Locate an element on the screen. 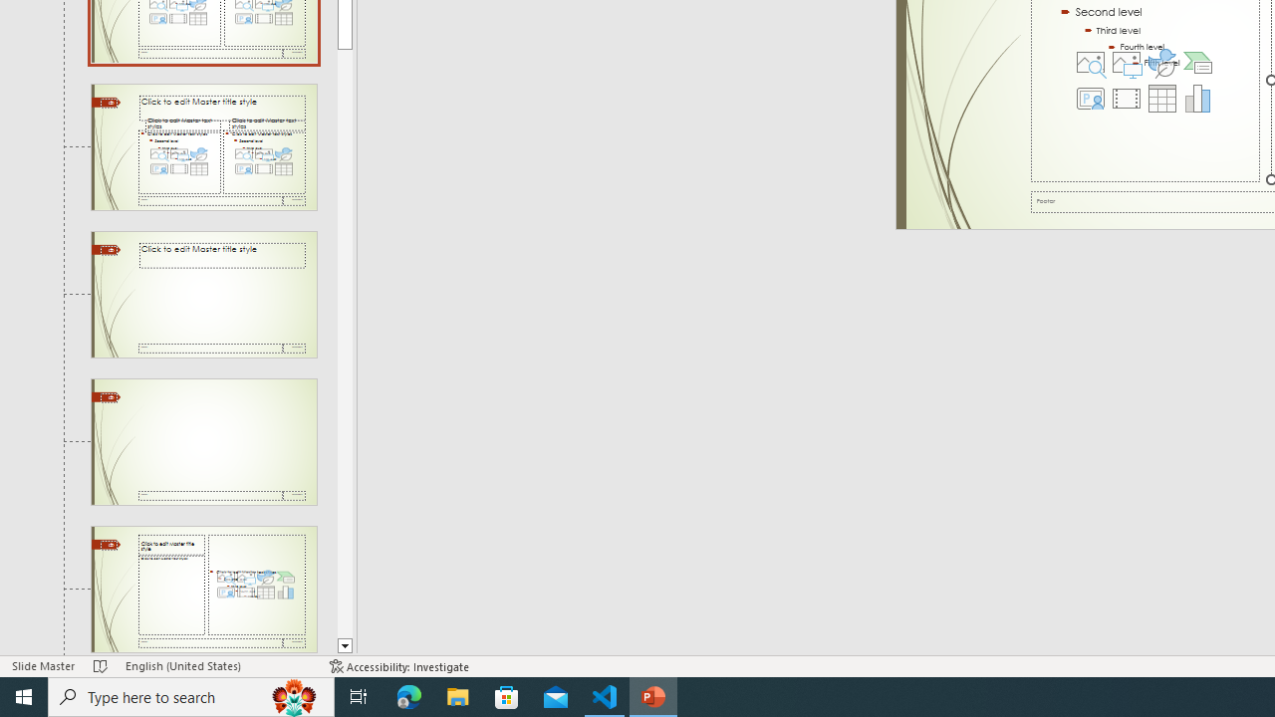 The width and height of the screenshot is (1275, 717). 'Insert an Icon' is located at coordinates (1161, 61).